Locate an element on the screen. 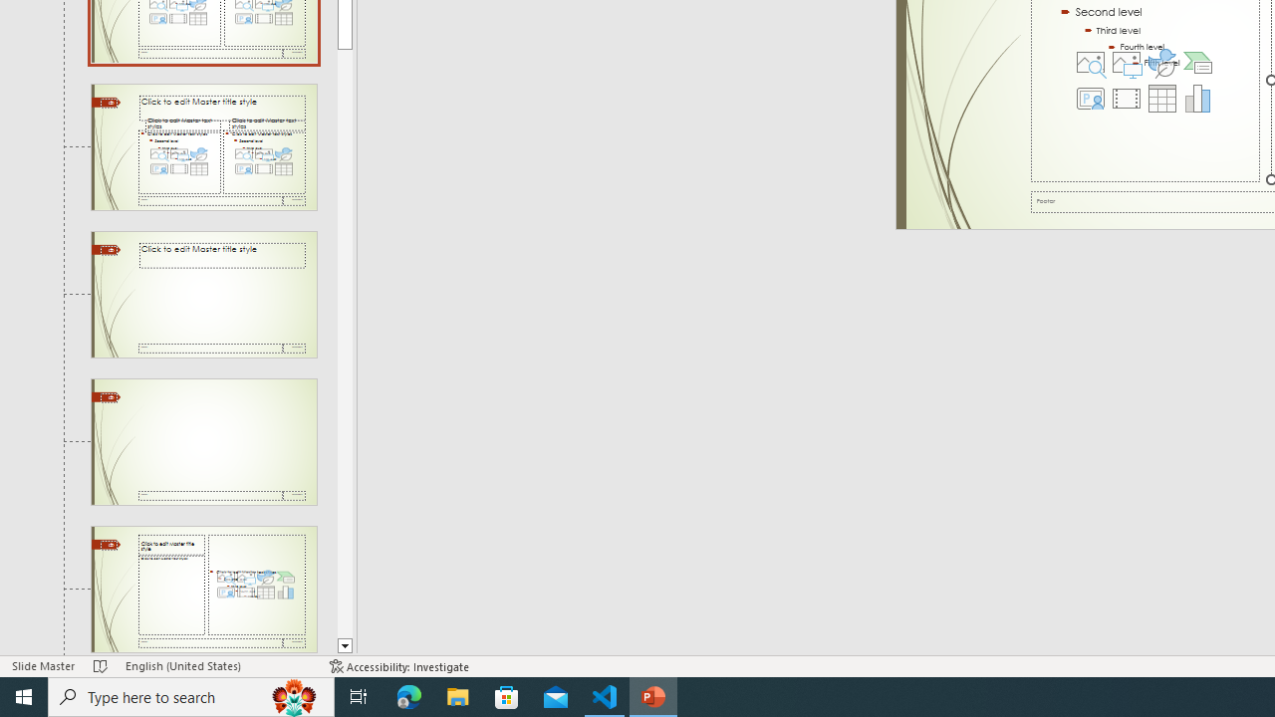 The width and height of the screenshot is (1275, 717). 'Insert an Icon' is located at coordinates (1161, 61).